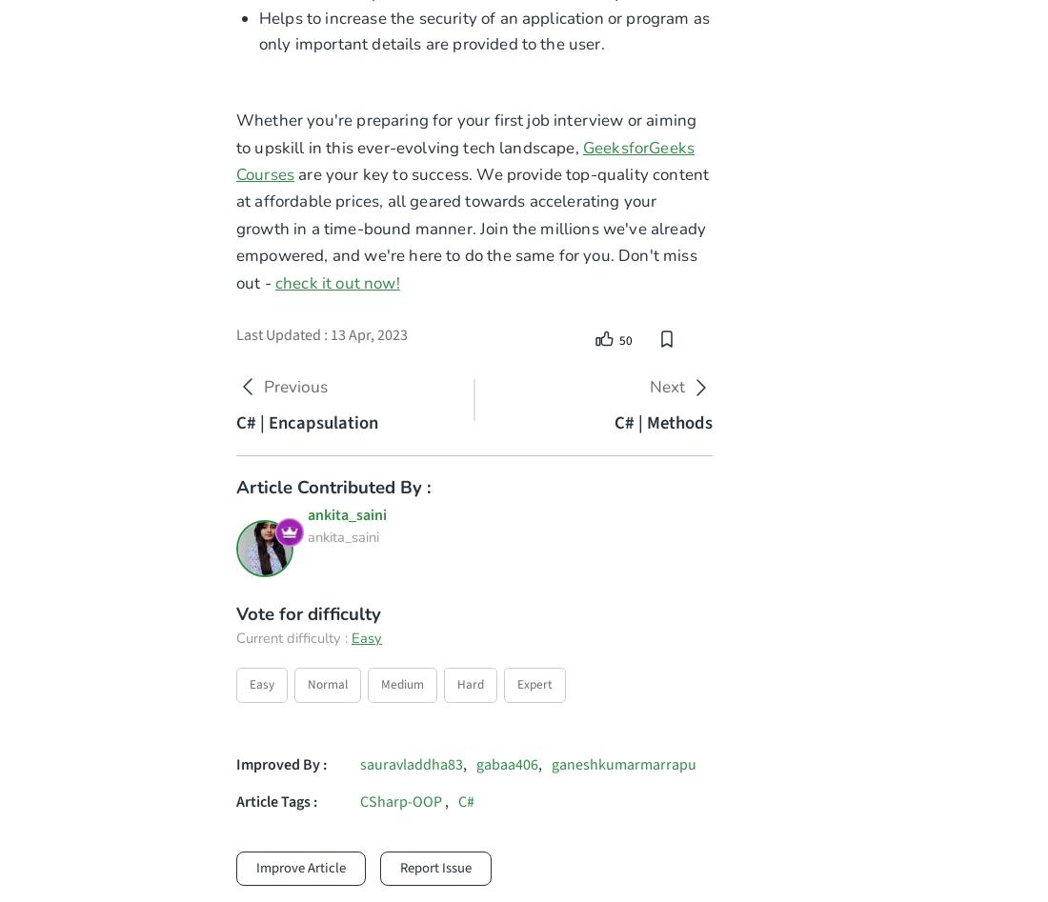  What do you see at coordinates (466, 801) in the screenshot?
I see `'C#'` at bounding box center [466, 801].